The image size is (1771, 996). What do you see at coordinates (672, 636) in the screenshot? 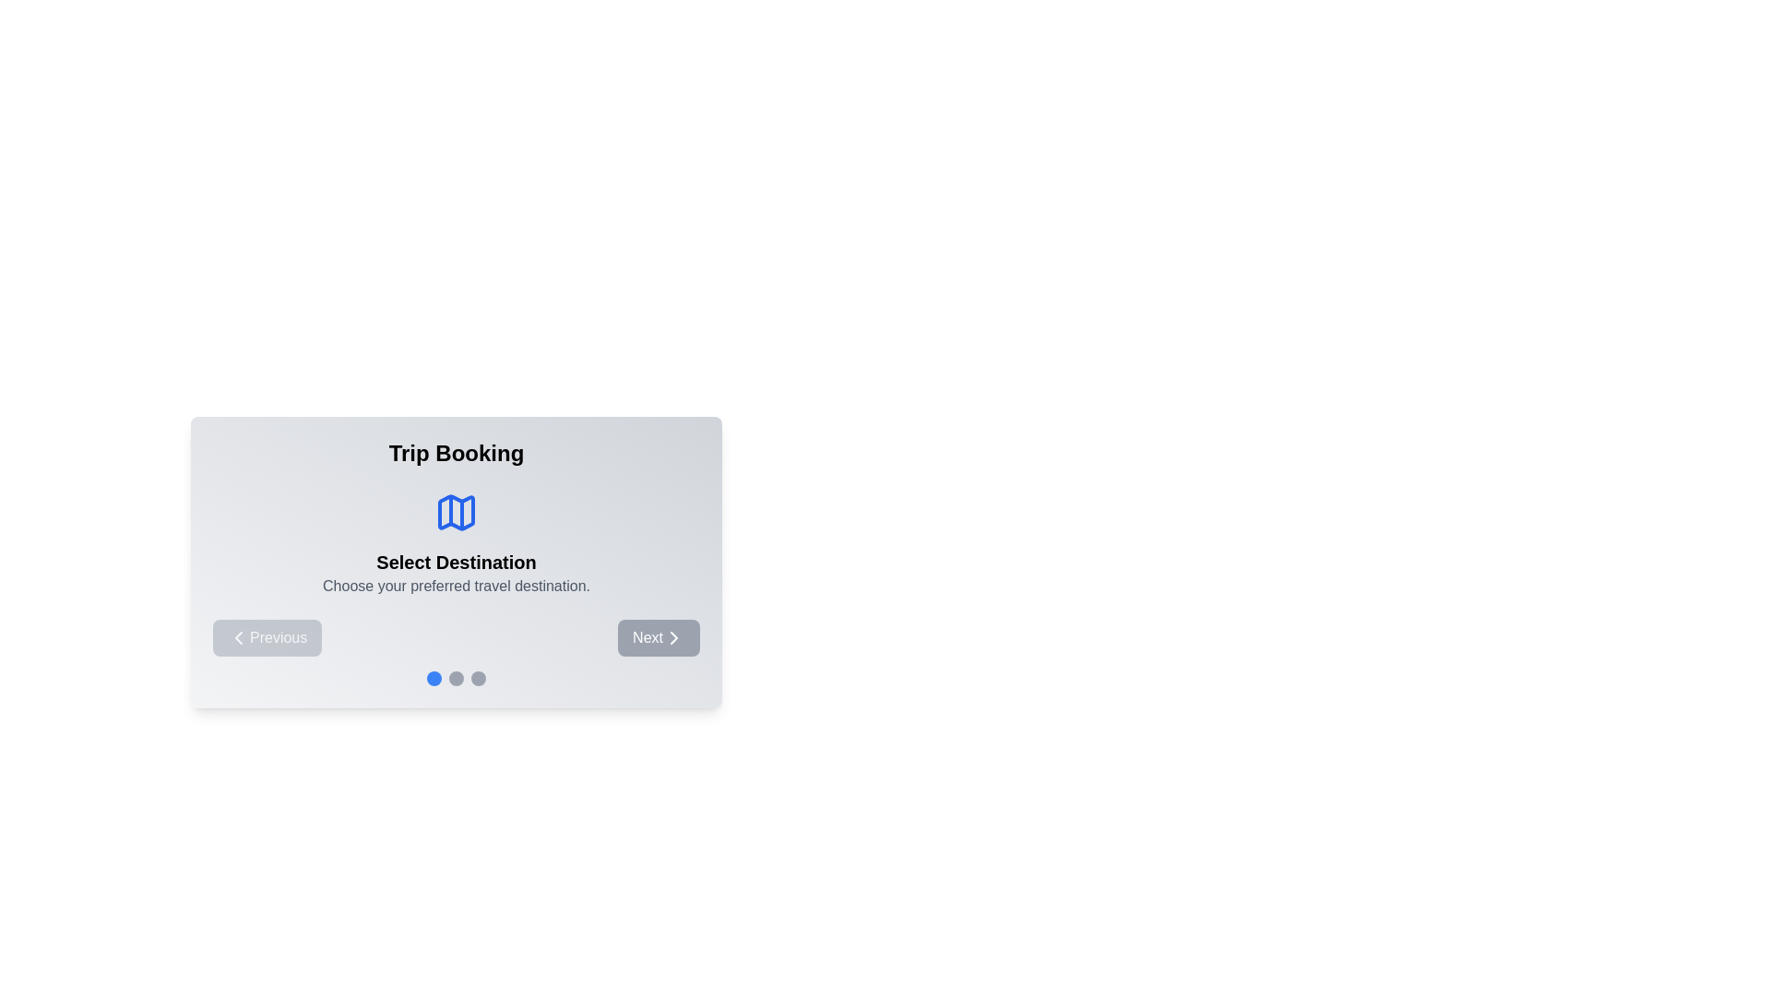
I see `the right-pointing arrow icon within the 'Next' button to proceed to the next step` at bounding box center [672, 636].